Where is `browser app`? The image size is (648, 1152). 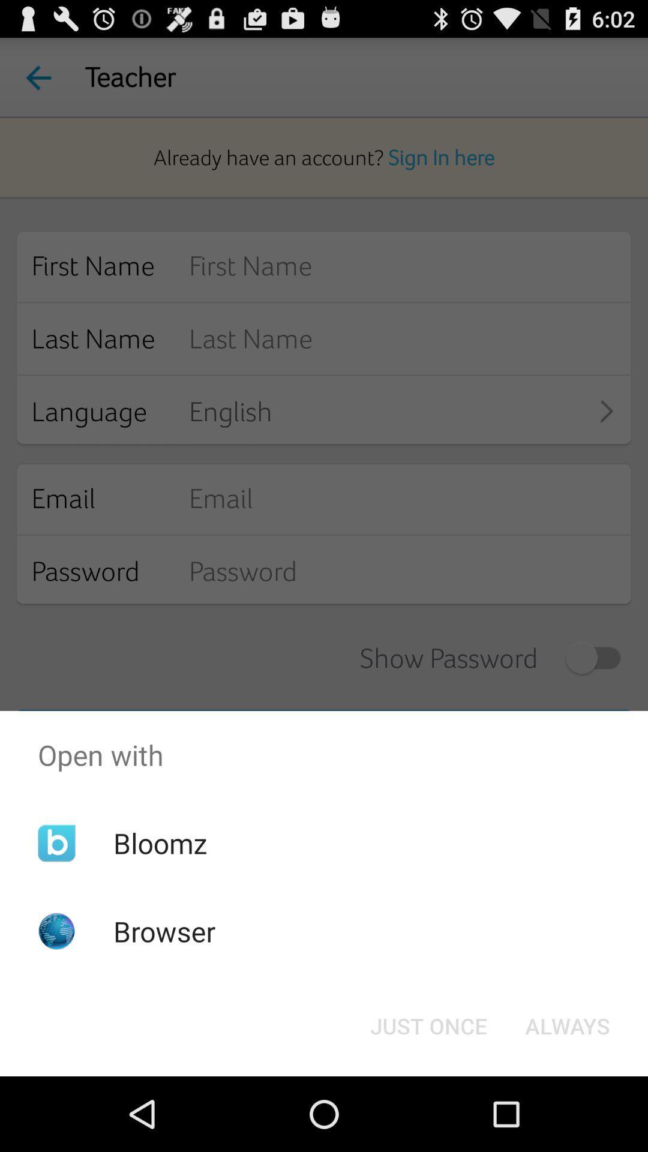 browser app is located at coordinates (164, 931).